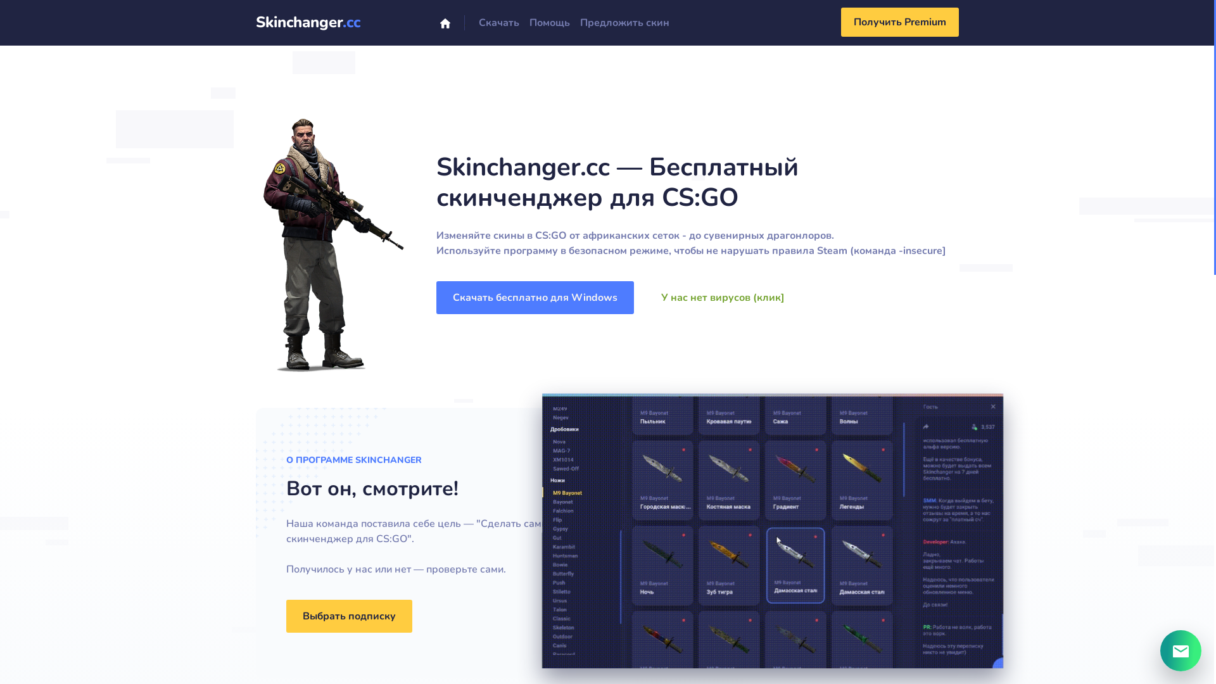 This screenshot has height=684, width=1216. What do you see at coordinates (308, 22) in the screenshot?
I see `'Skinchanger.cc'` at bounding box center [308, 22].